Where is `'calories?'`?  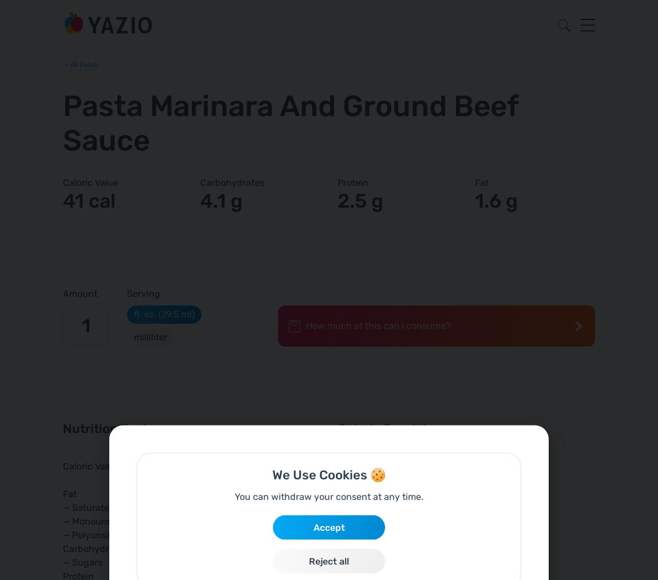 'calories?' is located at coordinates (455, 558).